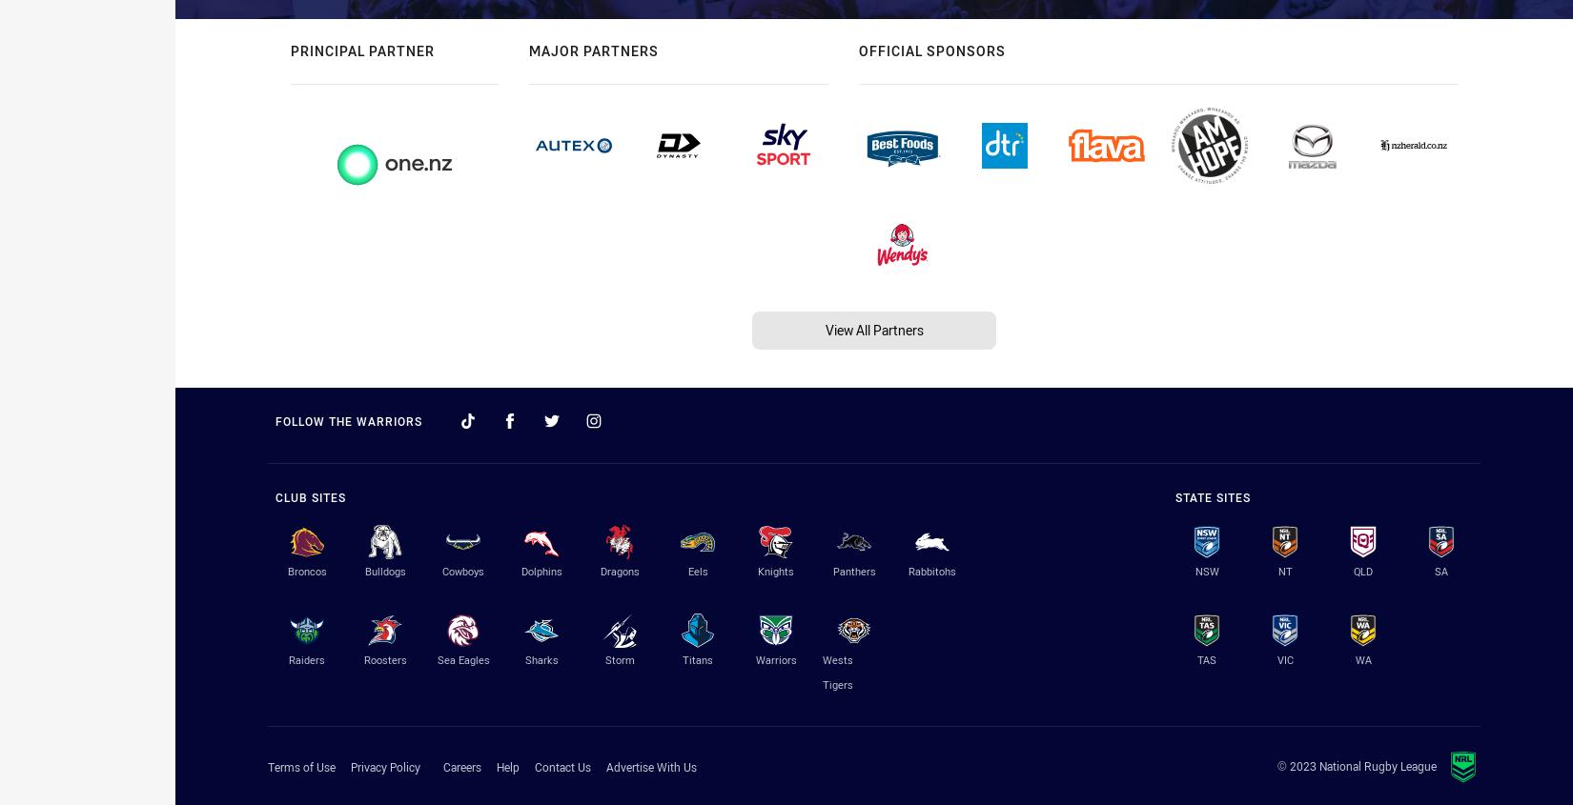 Image resolution: width=1573 pixels, height=805 pixels. What do you see at coordinates (363, 570) in the screenshot?
I see `'Bulldogs'` at bounding box center [363, 570].